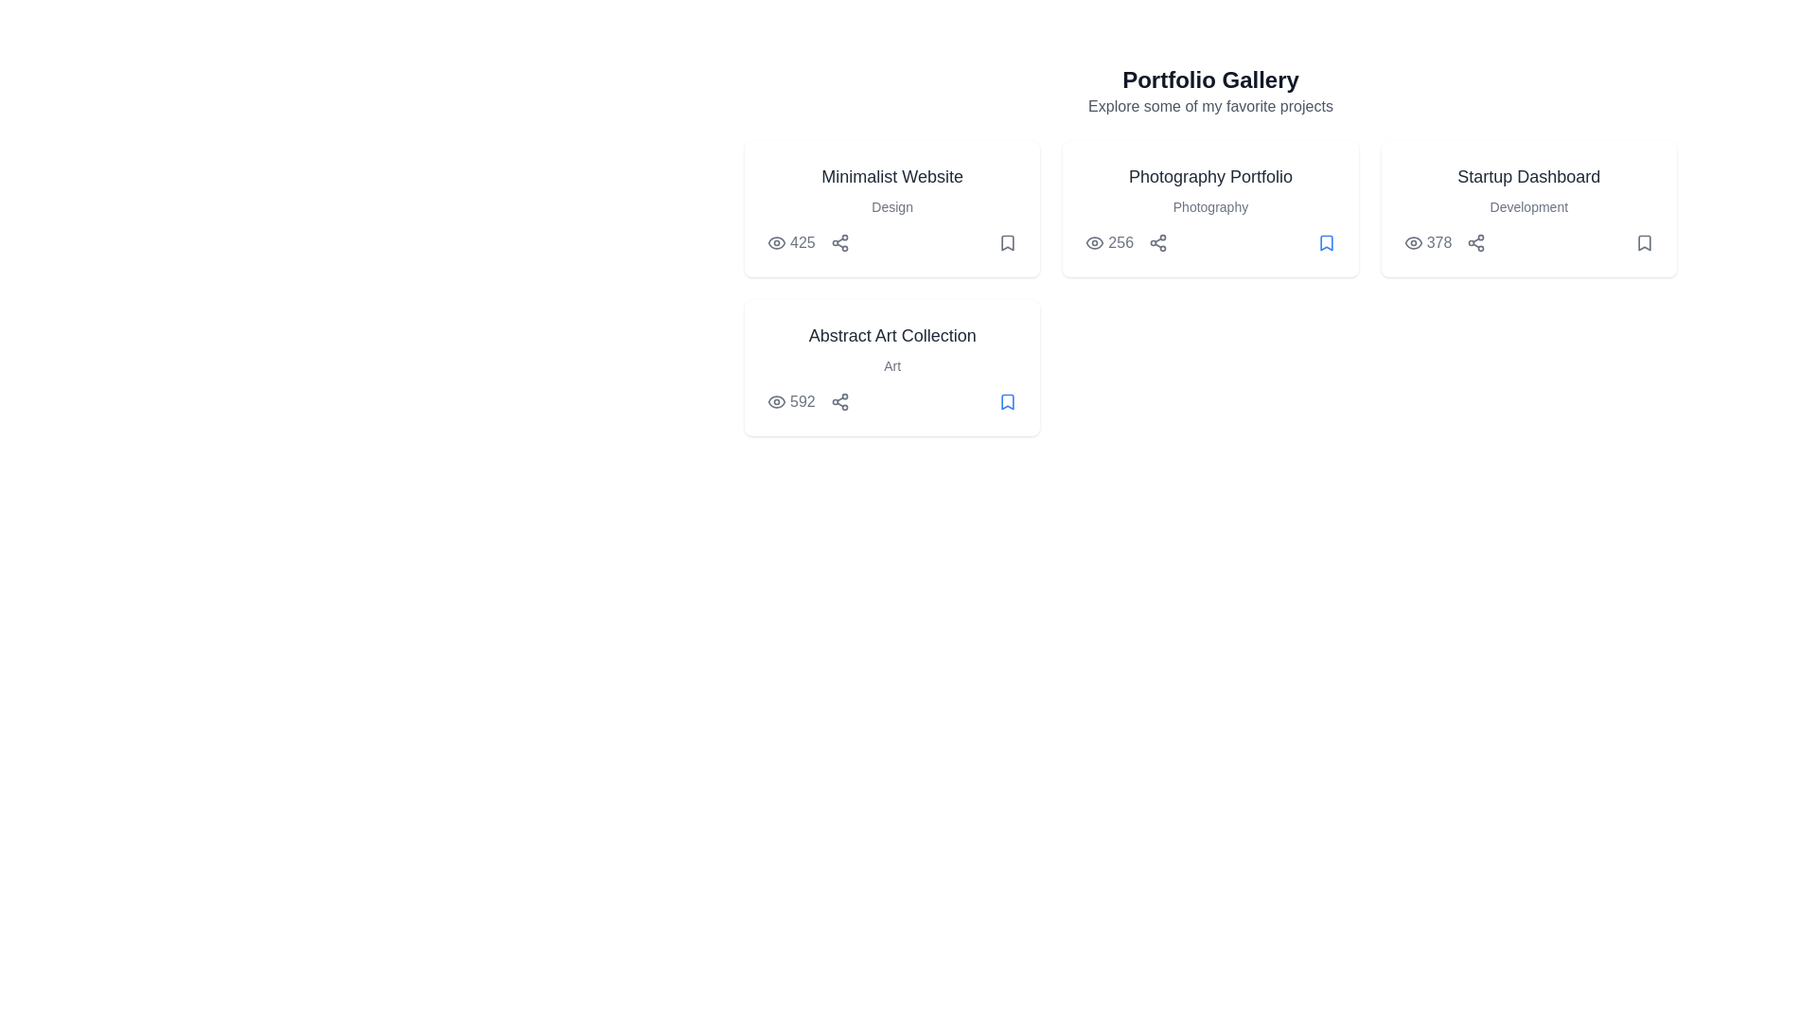 This screenshot has width=1817, height=1022. Describe the element at coordinates (1643, 242) in the screenshot. I see `the bookmarking icon located at the bottom-right corner of the 'Startup Dashboard' card, near the number '378'` at that location.